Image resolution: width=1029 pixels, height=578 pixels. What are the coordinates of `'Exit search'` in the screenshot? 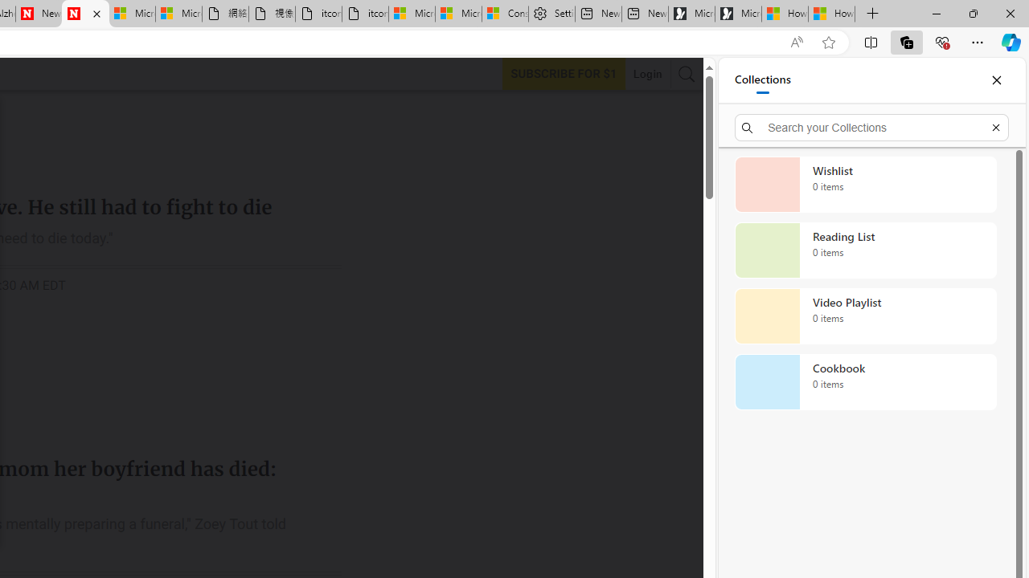 It's located at (995, 127).